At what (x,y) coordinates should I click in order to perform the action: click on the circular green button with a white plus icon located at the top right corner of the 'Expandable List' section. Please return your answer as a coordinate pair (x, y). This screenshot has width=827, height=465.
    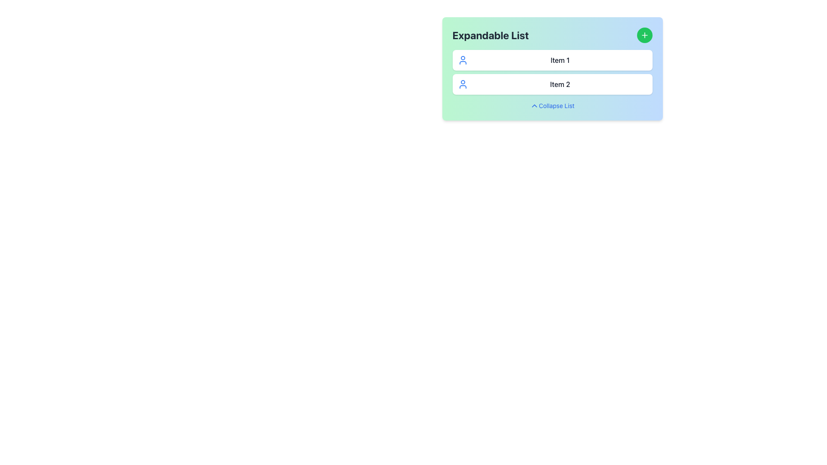
    Looking at the image, I should click on (644, 34).